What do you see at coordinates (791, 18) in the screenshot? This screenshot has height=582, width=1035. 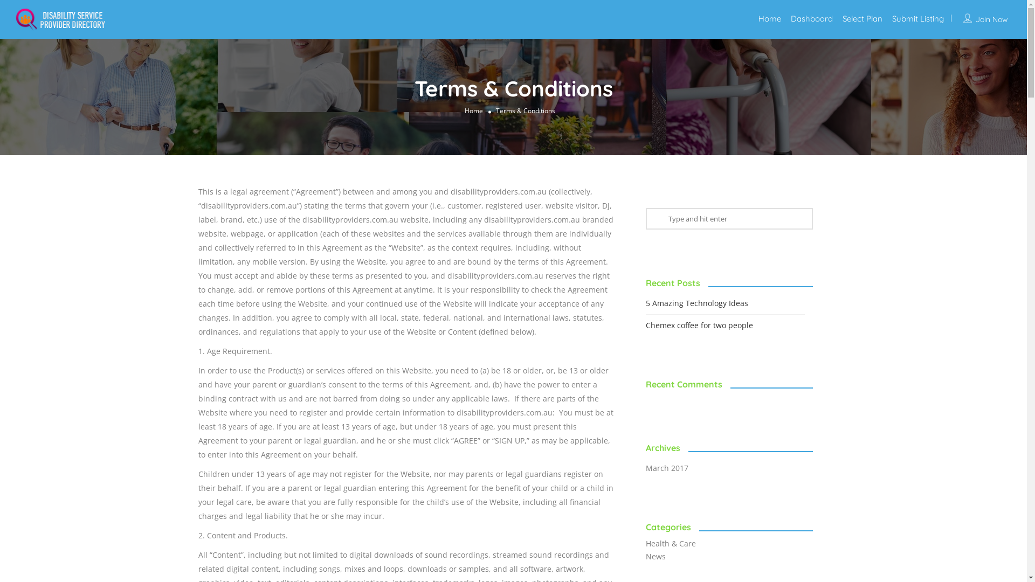 I see `'Dashboard'` at bounding box center [791, 18].